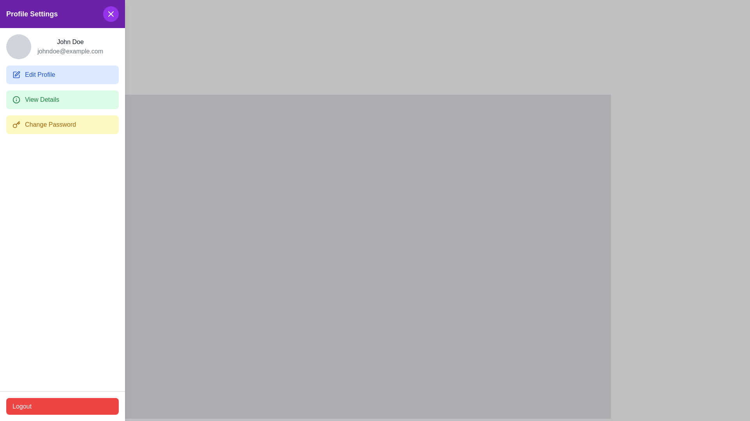  I want to click on the SVG graphic icon representing a key, which is located to the immediate left of the text label on the 'Change Password' button in the Profile Settings section, so click(16, 124).